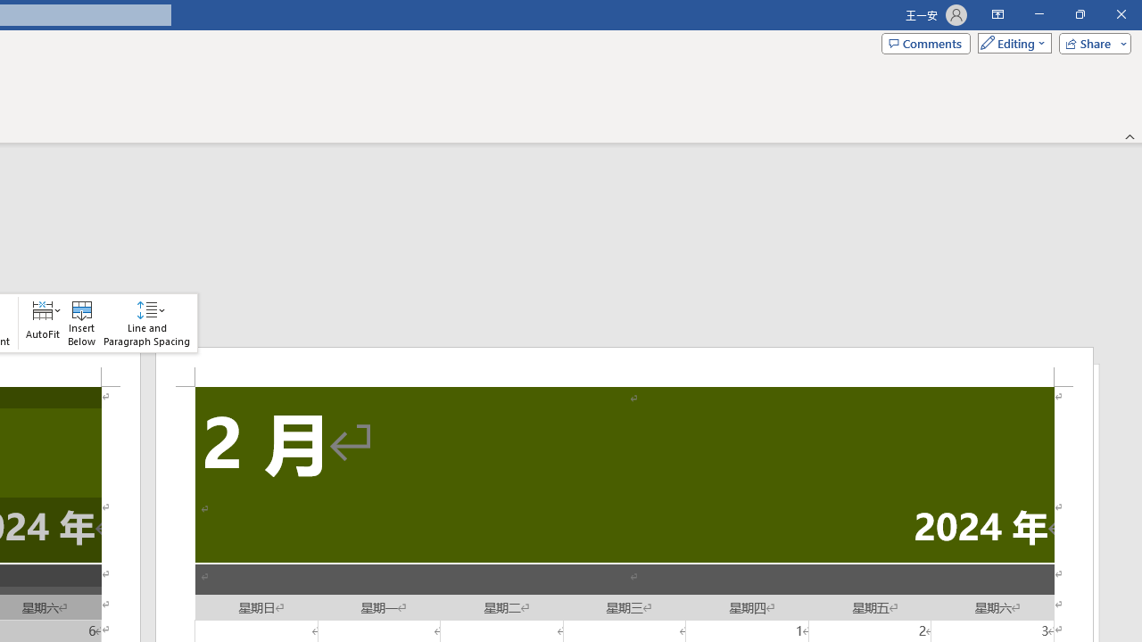  I want to click on 'Insert Below', so click(81, 323).